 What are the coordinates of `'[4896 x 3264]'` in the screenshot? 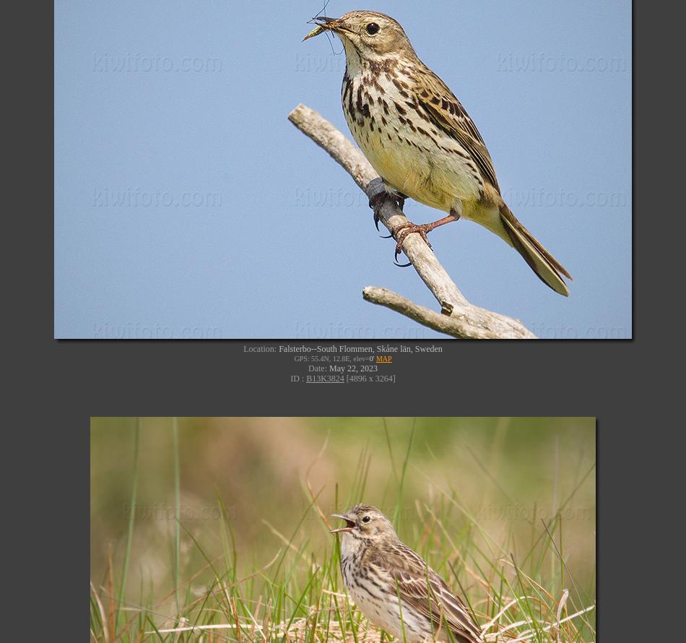 It's located at (369, 376).